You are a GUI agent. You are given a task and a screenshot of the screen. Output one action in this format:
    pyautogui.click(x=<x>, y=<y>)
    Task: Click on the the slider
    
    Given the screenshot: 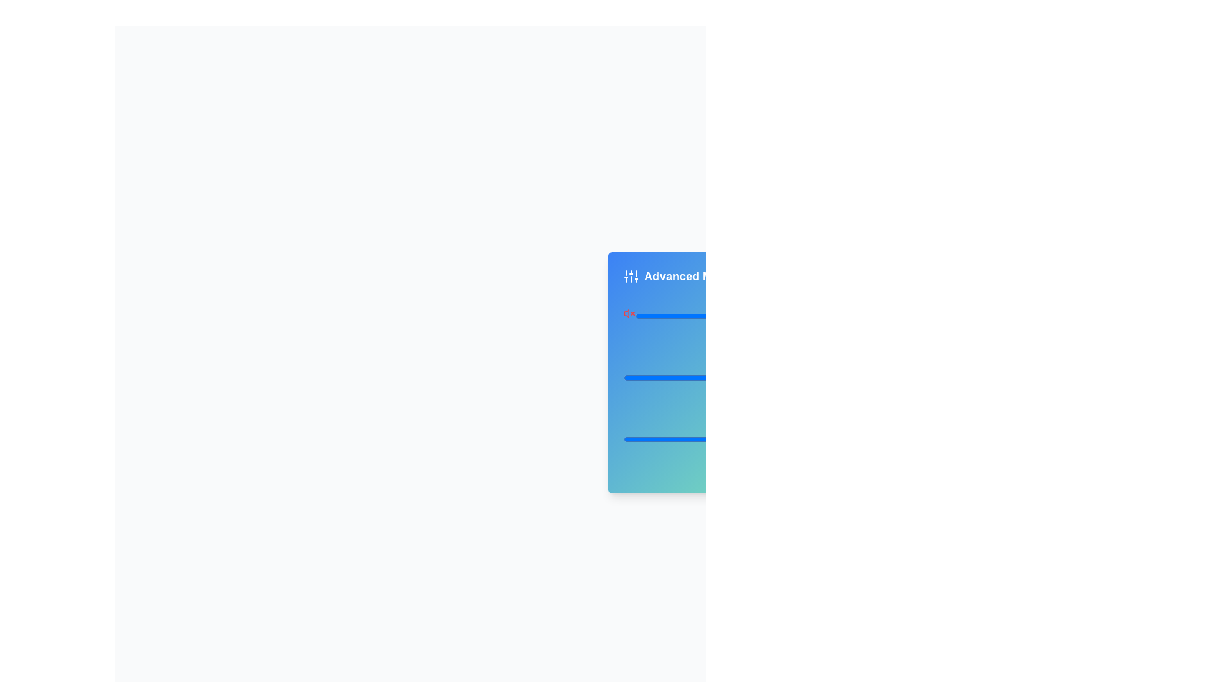 What is the action you would take?
    pyautogui.click(x=817, y=316)
    